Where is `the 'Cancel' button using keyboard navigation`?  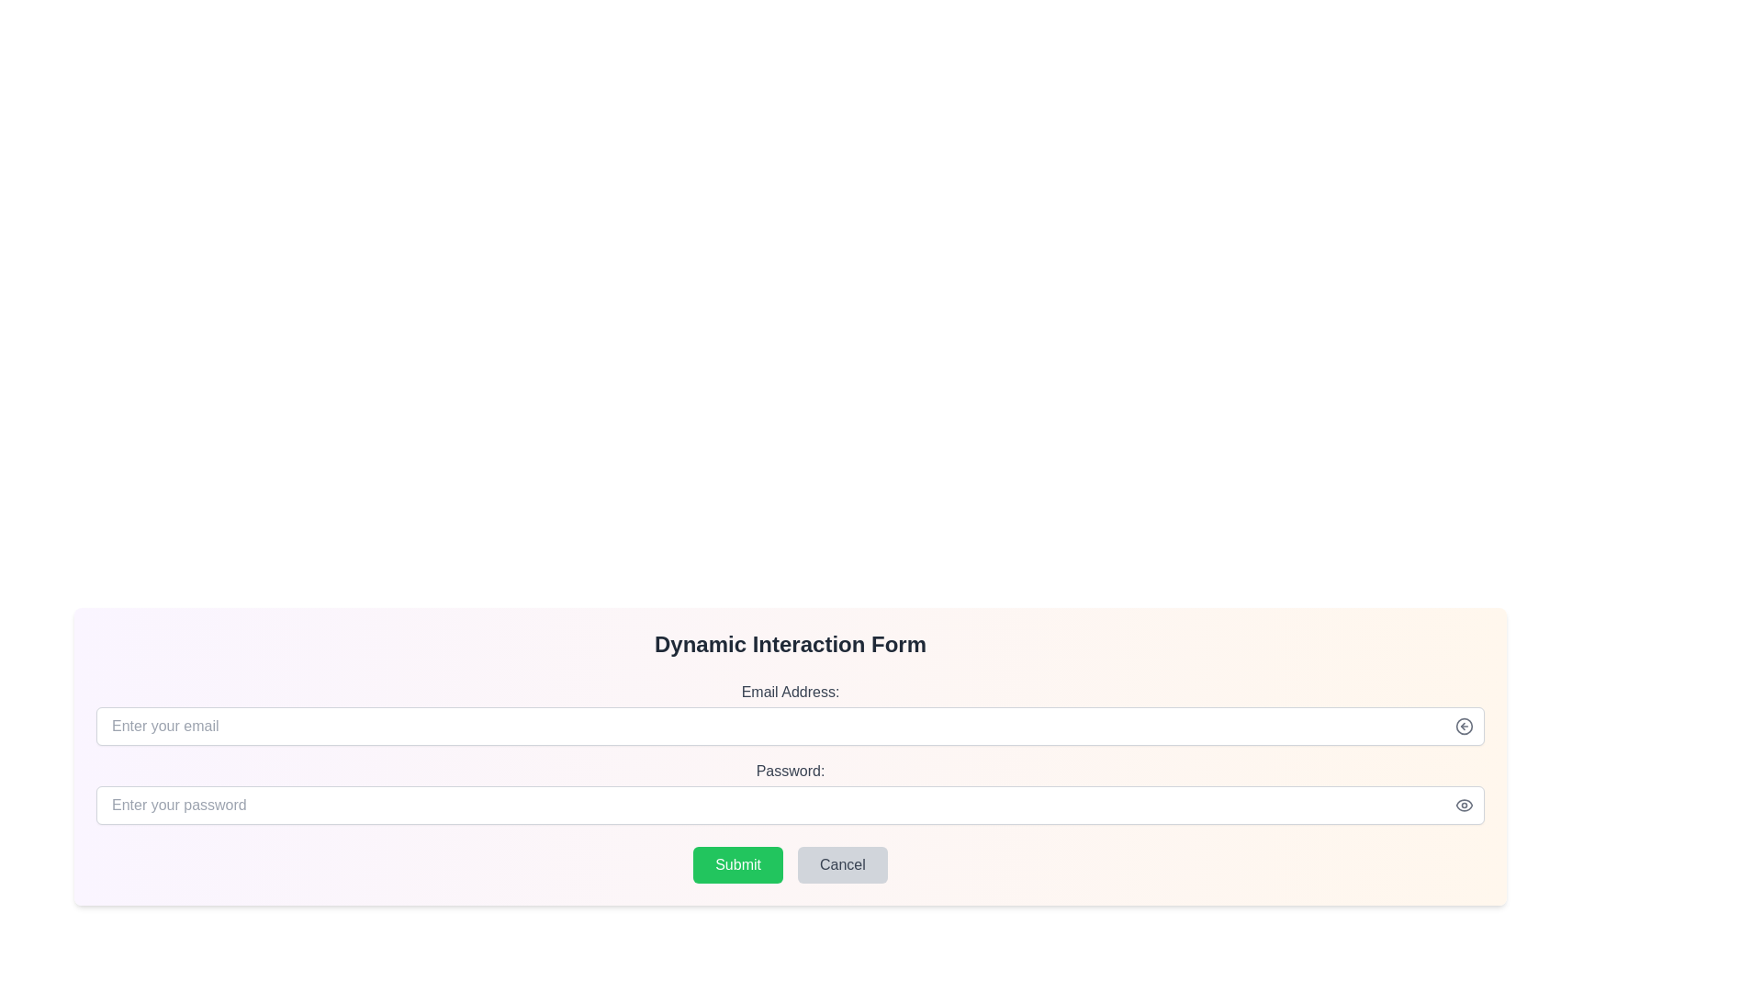 the 'Cancel' button using keyboard navigation is located at coordinates (841, 864).